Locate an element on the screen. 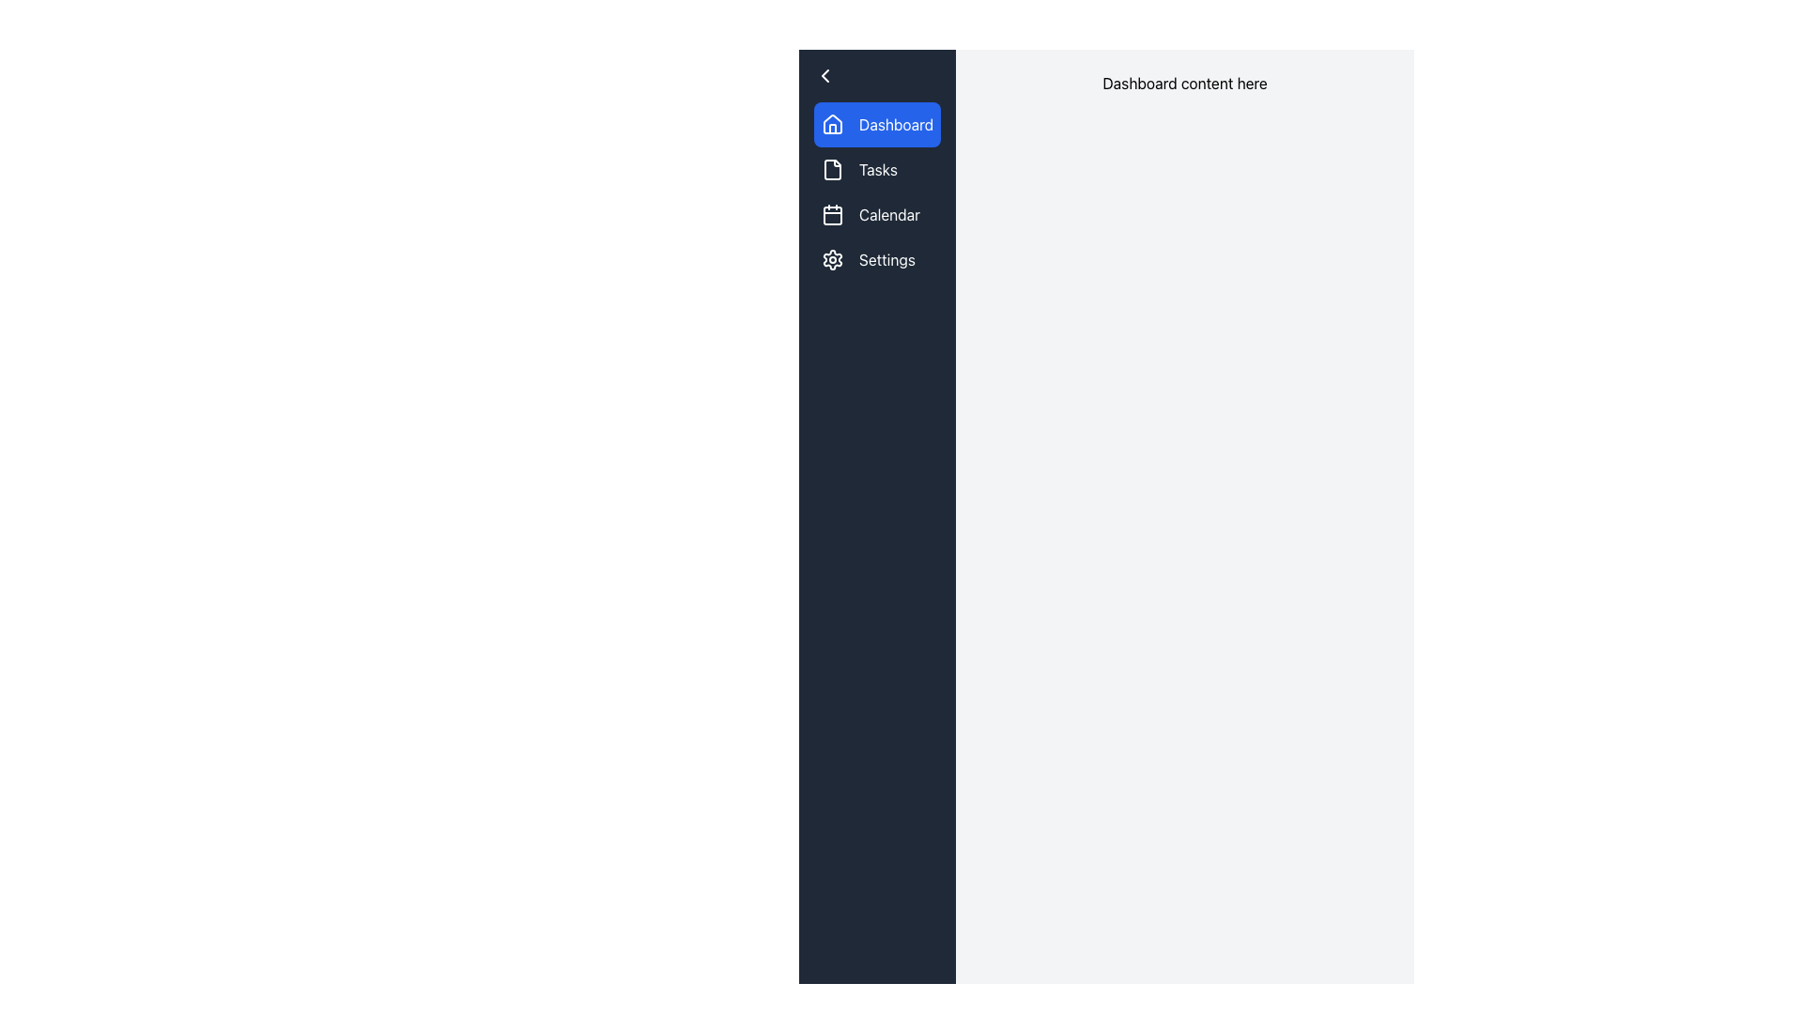  the Text Label at the top-center of the main content section, which indicates that the content below pertains to the dashboard is located at coordinates (1184, 82).